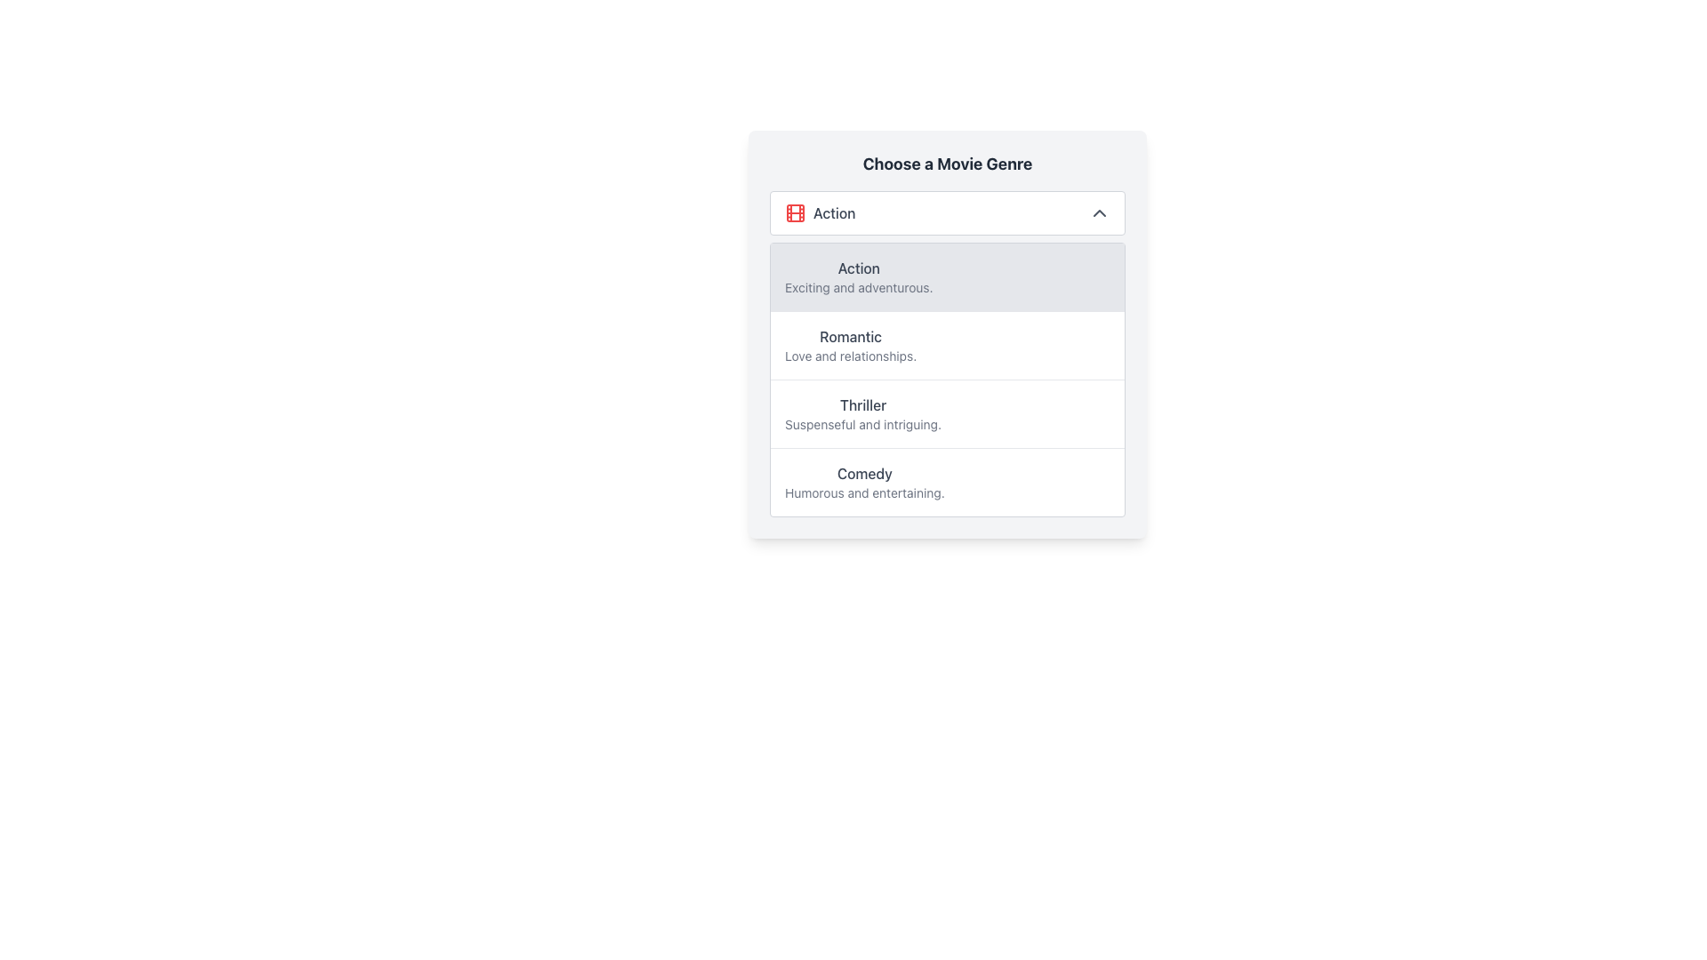 The height and width of the screenshot is (960, 1707). What do you see at coordinates (859, 268) in the screenshot?
I see `the text label that says 'Action', which is styled in a medium-sized font and located in a gray background area above the text 'Exciting and adventurous'` at bounding box center [859, 268].